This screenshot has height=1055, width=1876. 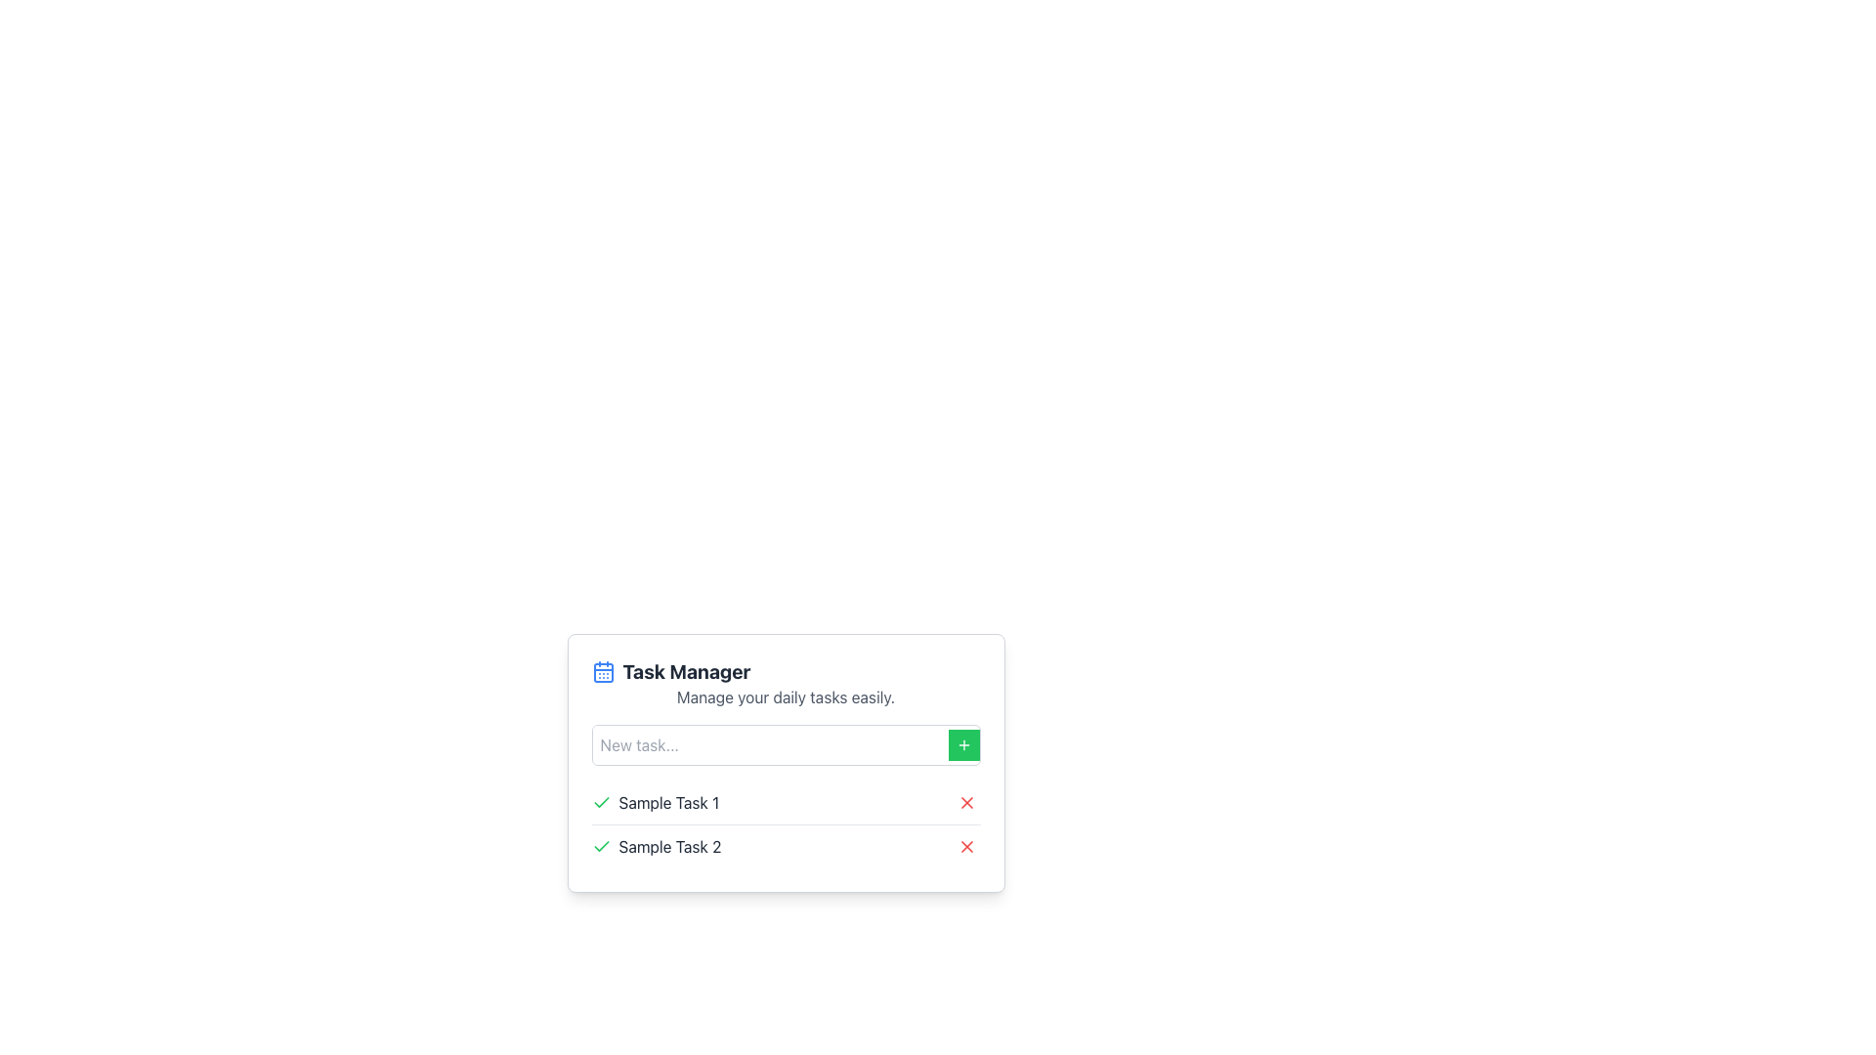 What do you see at coordinates (963, 745) in the screenshot?
I see `the plus sign icon located at the center of the green circular button to the right of the 'New Task...' input box for tooltip or visual feedback` at bounding box center [963, 745].